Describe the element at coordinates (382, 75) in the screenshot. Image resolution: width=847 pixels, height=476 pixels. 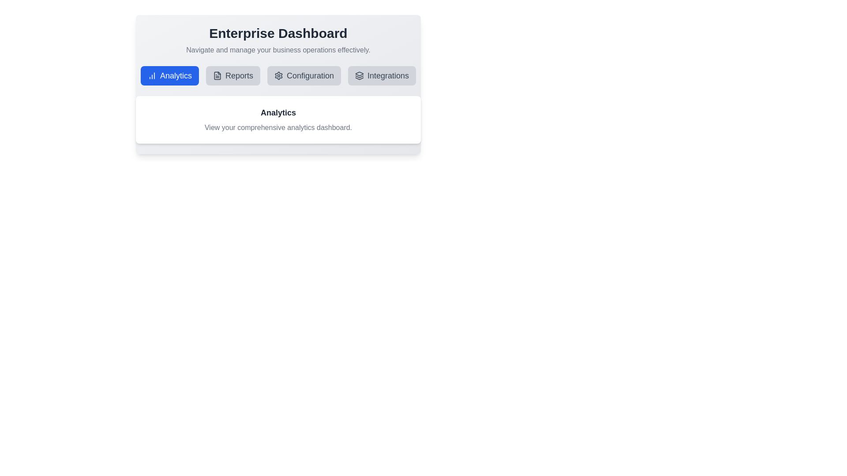
I see `the tab labeled Integrations` at that location.